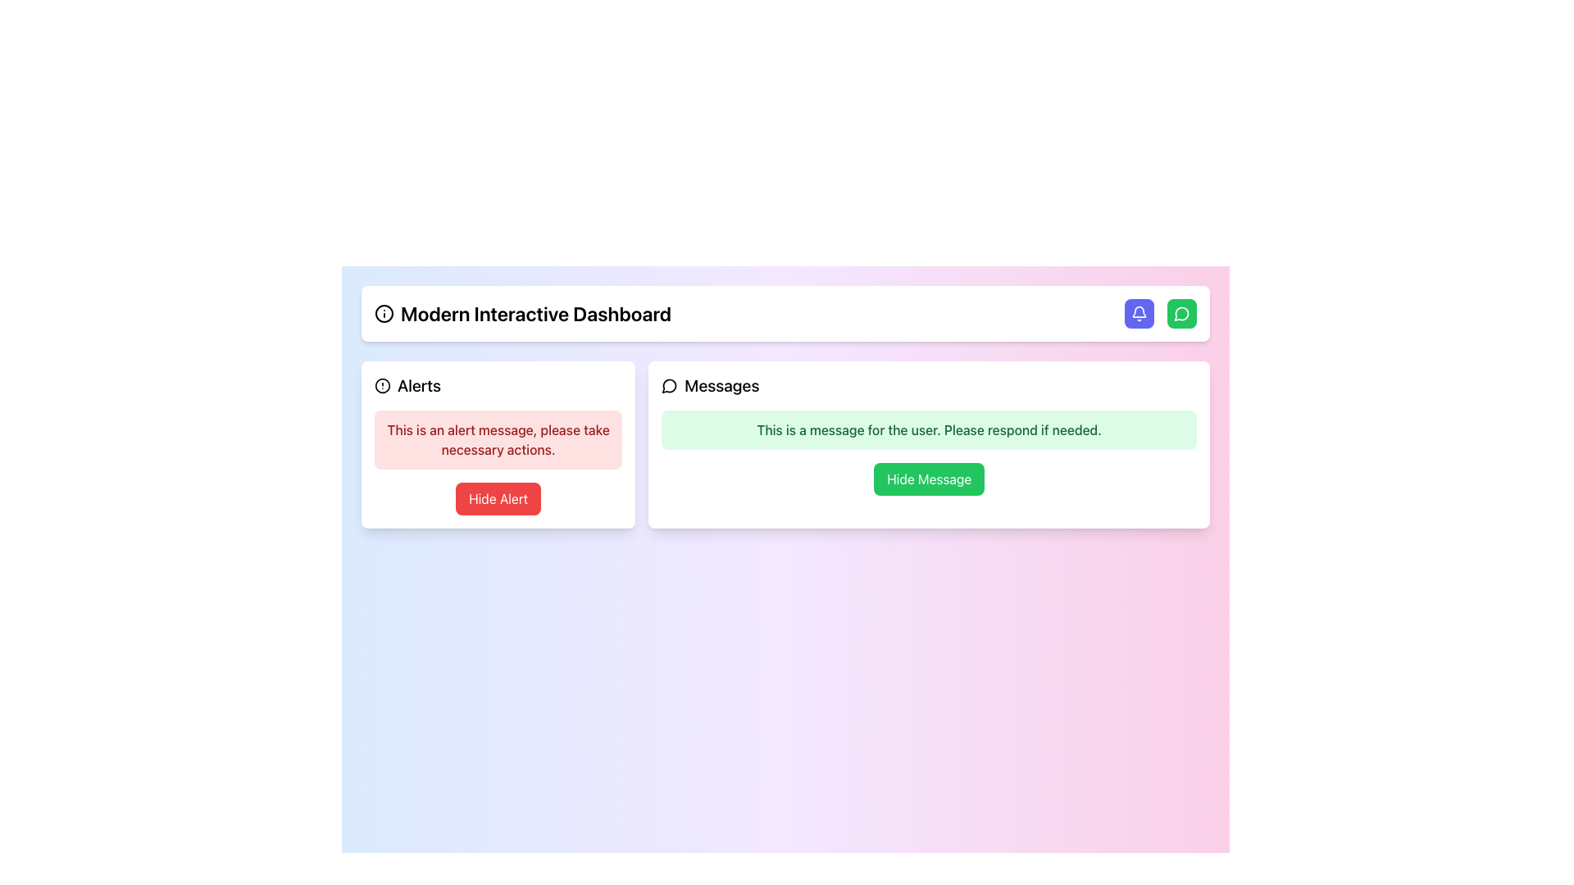 This screenshot has width=1574, height=885. What do you see at coordinates (498, 438) in the screenshot?
I see `message displayed in the Alert Box, which is centrally located within the 'Alerts' section and positioned above the 'Hide Alert' button` at bounding box center [498, 438].